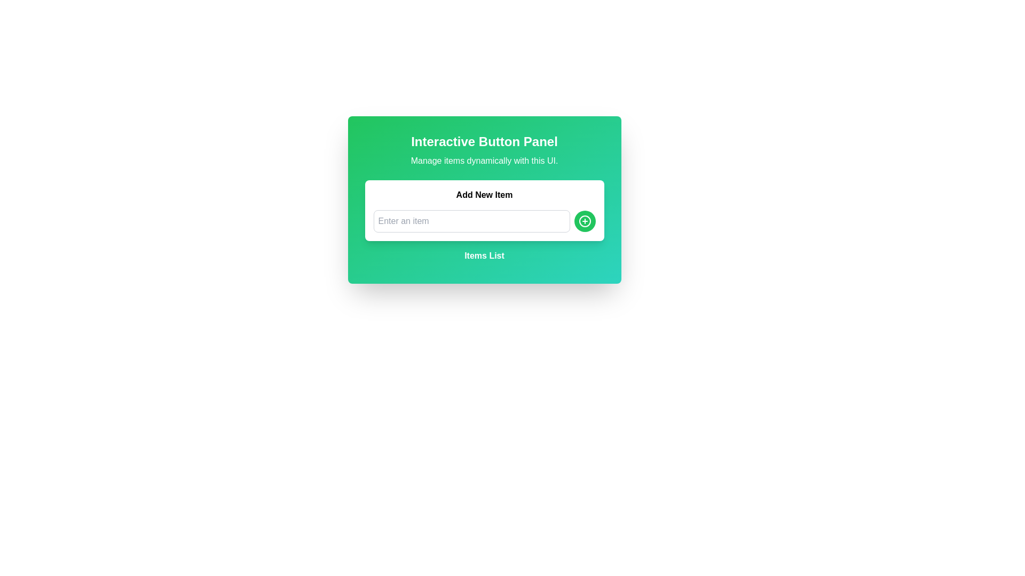 The height and width of the screenshot is (576, 1025). Describe the element at coordinates (584, 221) in the screenshot. I see `the button with a plus sign located to the right of the input field` at that location.